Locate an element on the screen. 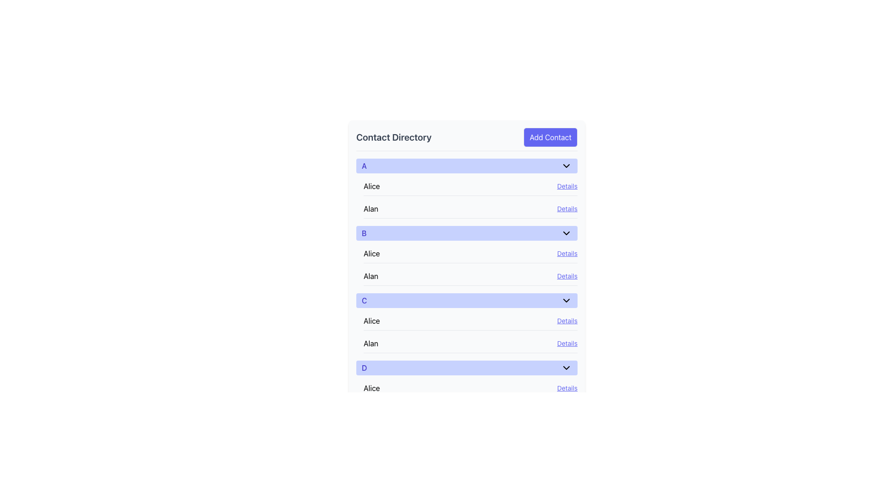 Image resolution: width=885 pixels, height=498 pixels. the rightmost hyperlink in the 'Alan' entry section of the 'A' category is located at coordinates (566, 208).